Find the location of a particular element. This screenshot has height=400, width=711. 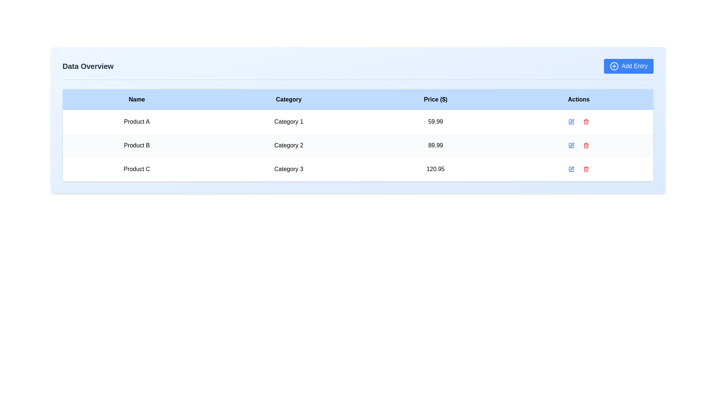

the text label 'Category 3' located in the third row of the table in the 'Category' column, which is in the middle of its row, with 'Product C' to the left and '120.95' to the right is located at coordinates (288, 169).